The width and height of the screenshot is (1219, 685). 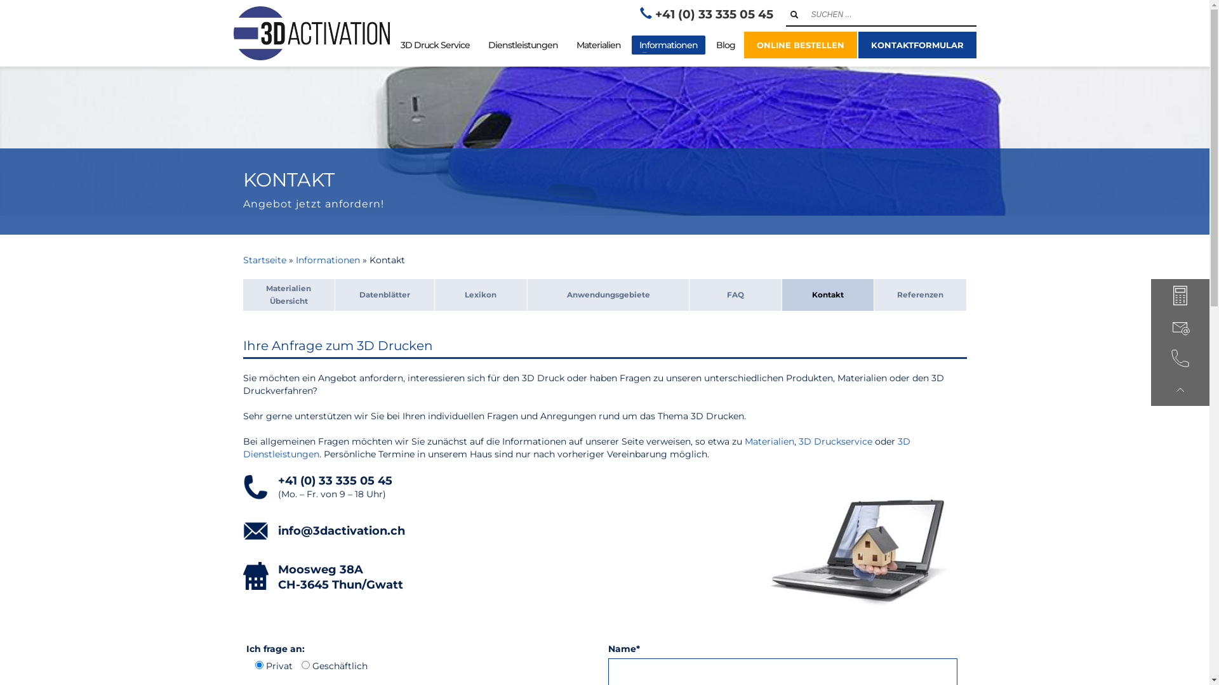 I want to click on '+41 (0) 33 335 05 45', so click(x=655, y=14).